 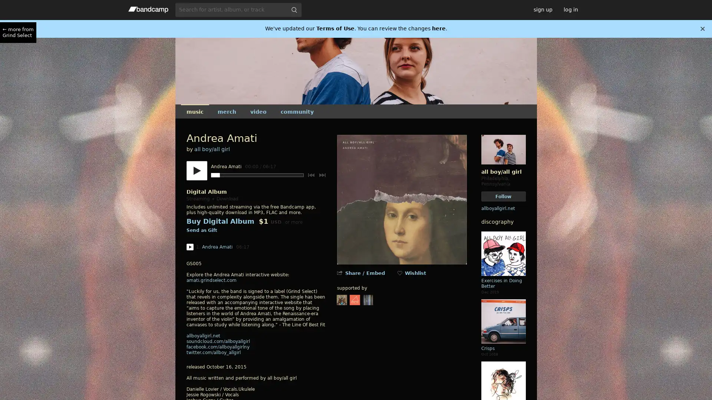 What do you see at coordinates (220, 221) in the screenshot?
I see `Buy Digital Album` at bounding box center [220, 221].